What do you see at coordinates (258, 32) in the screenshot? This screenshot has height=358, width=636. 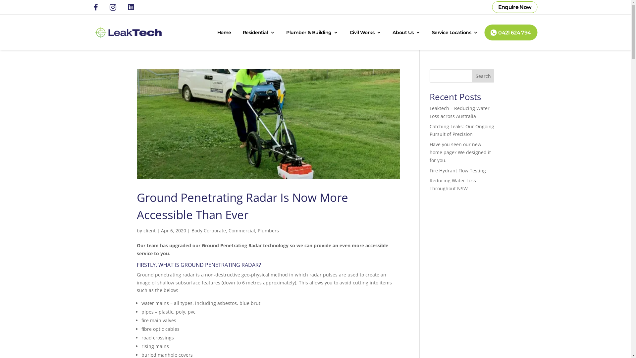 I see `'Residential'` at bounding box center [258, 32].